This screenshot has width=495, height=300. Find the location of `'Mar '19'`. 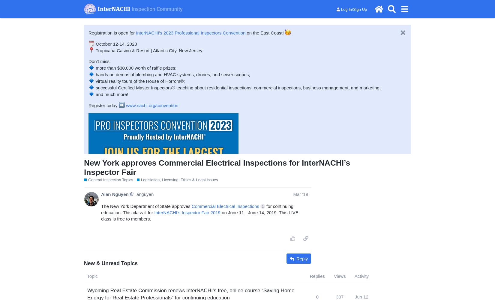

'Mar '19' is located at coordinates (301, 194).